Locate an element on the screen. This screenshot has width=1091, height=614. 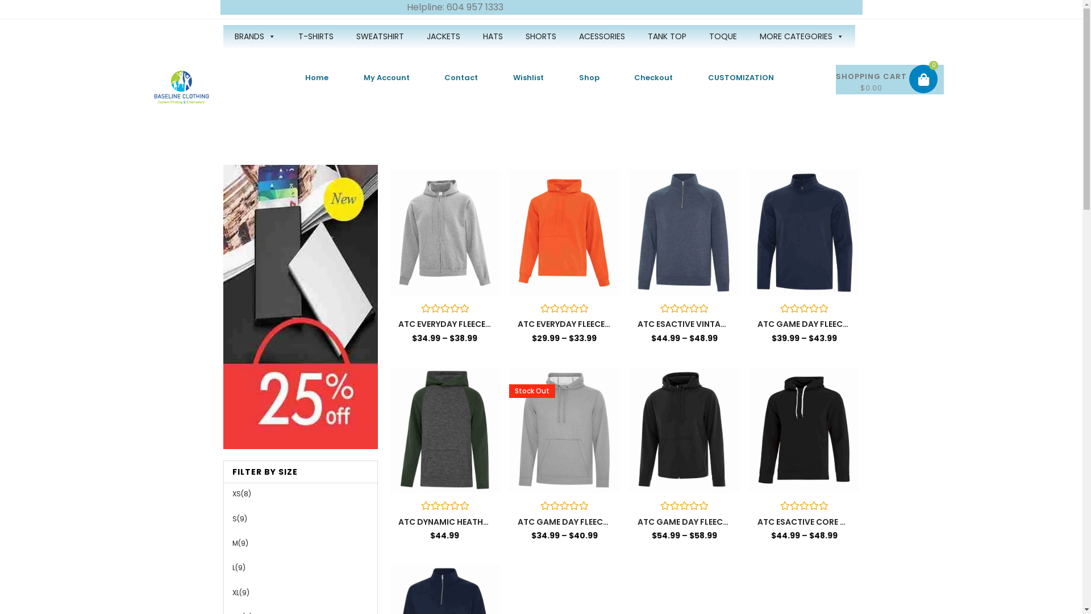
'CUSTOMIZATION' is located at coordinates (741, 77).